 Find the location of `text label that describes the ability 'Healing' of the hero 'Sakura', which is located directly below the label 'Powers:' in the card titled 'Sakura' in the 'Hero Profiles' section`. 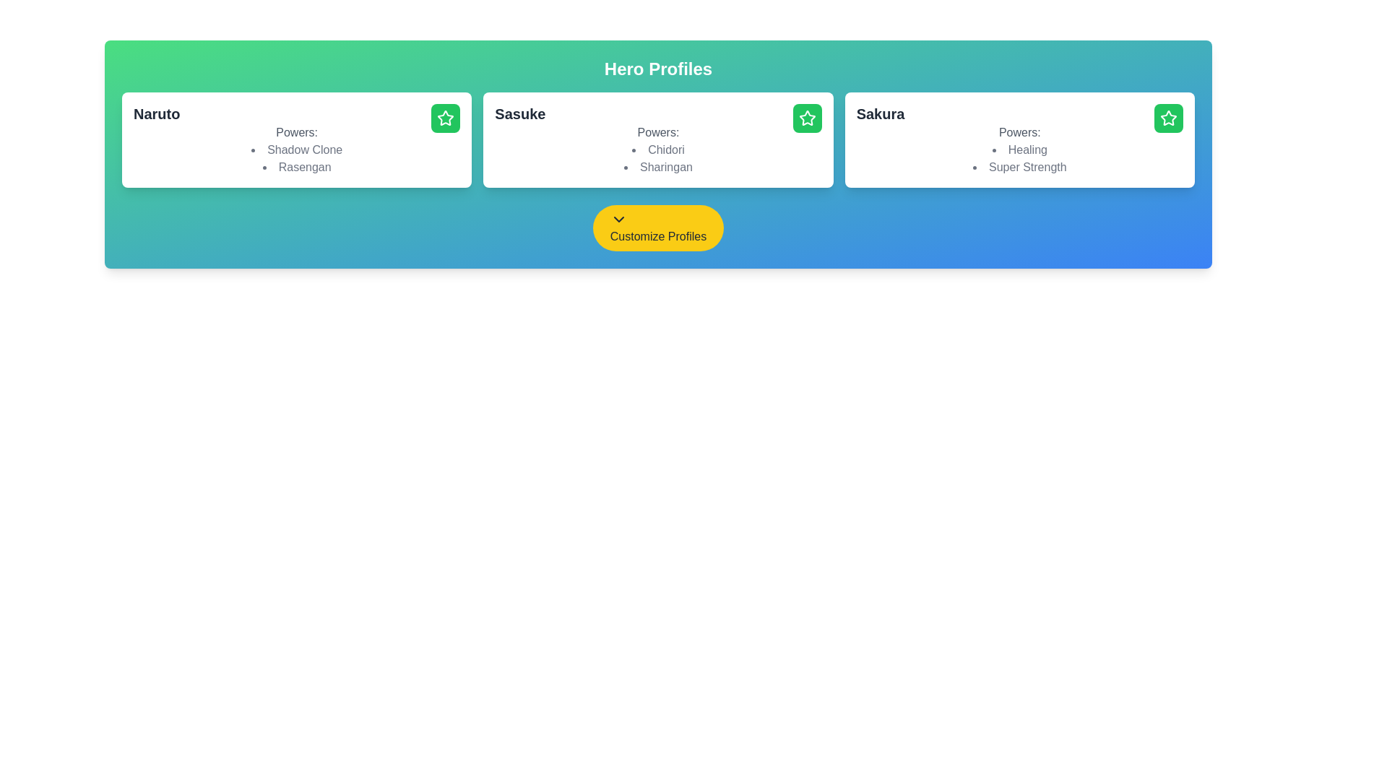

text label that describes the ability 'Healing' of the hero 'Sakura', which is located directly below the label 'Powers:' in the card titled 'Sakura' in the 'Hero Profiles' section is located at coordinates (1019, 150).